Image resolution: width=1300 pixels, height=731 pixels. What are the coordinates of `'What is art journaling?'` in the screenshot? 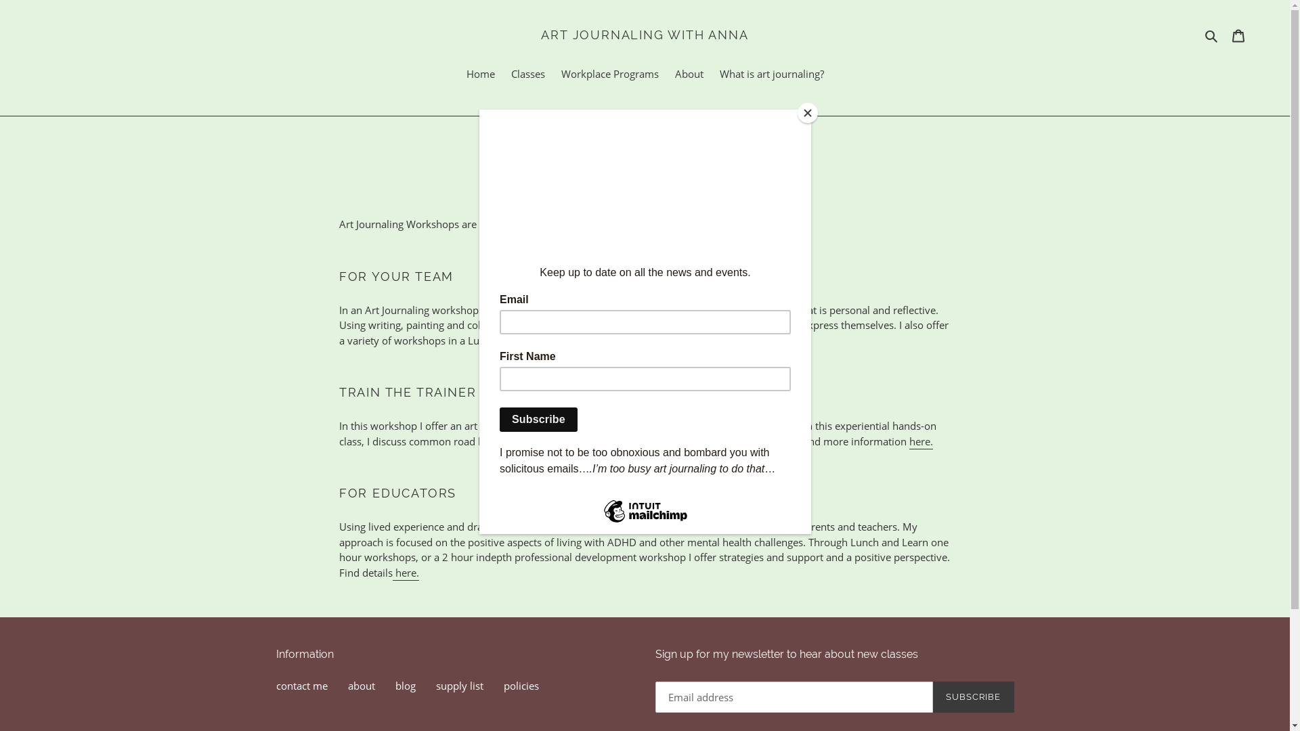 It's located at (771, 75).